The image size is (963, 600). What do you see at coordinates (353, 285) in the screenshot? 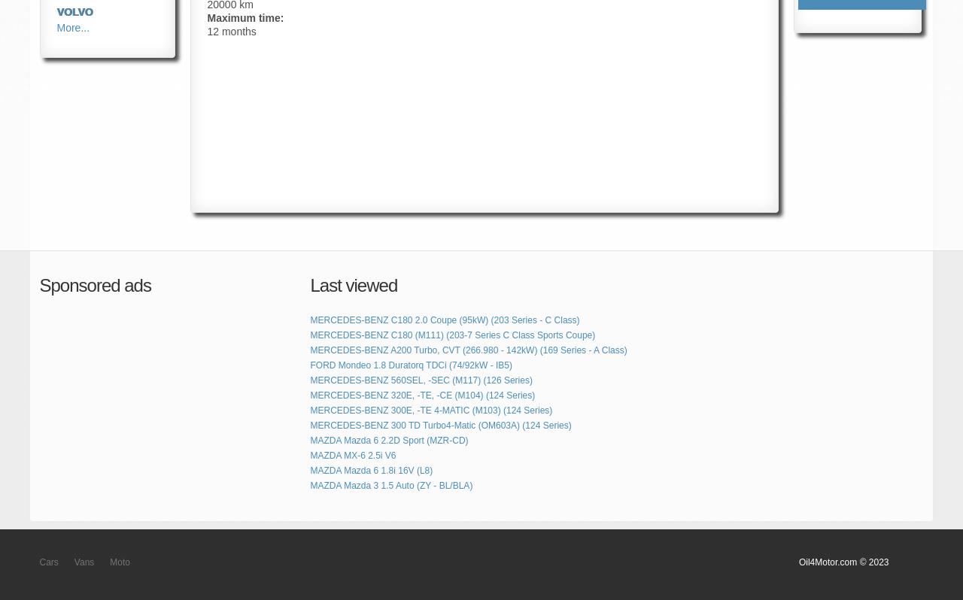
I see `'Last viewed'` at bounding box center [353, 285].